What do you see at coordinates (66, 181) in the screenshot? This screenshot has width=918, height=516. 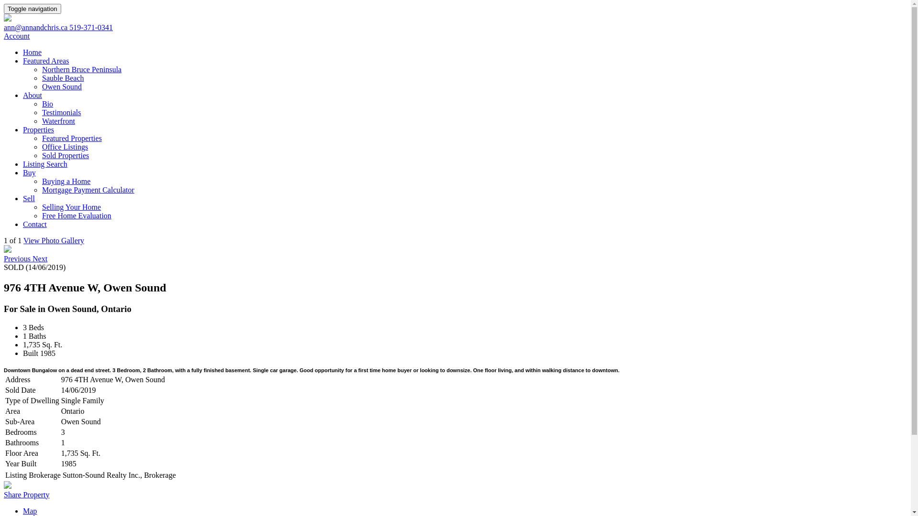 I see `'Buying a Home'` at bounding box center [66, 181].